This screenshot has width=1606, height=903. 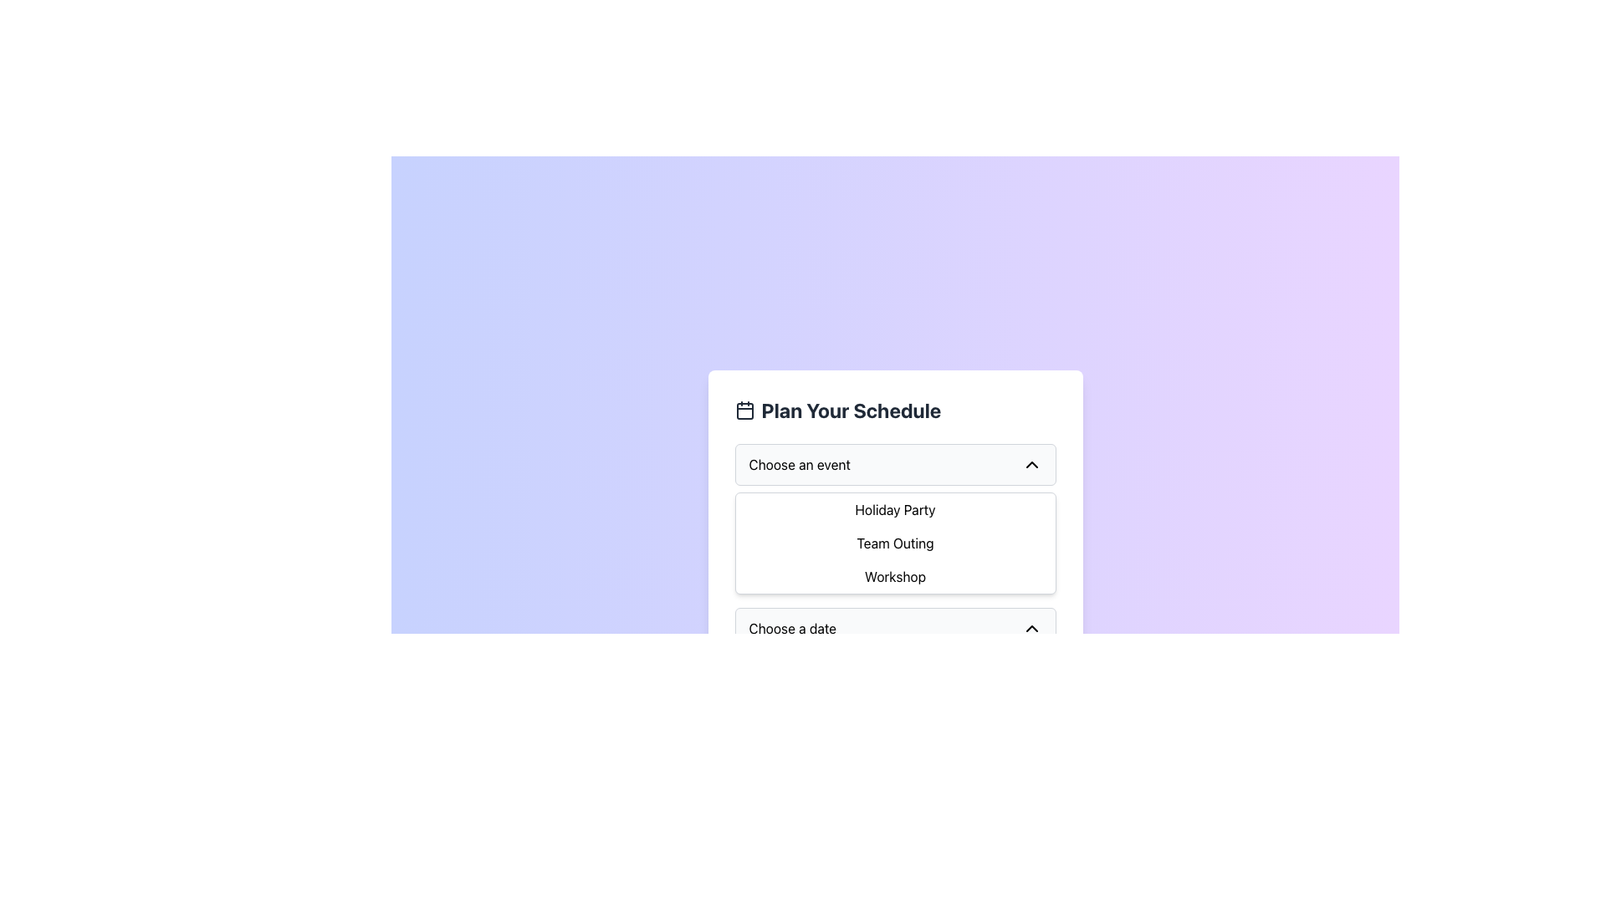 I want to click on the inner square section of the calendar icon located left of the 'Plan Your Schedule' heading, so click(x=744, y=411).